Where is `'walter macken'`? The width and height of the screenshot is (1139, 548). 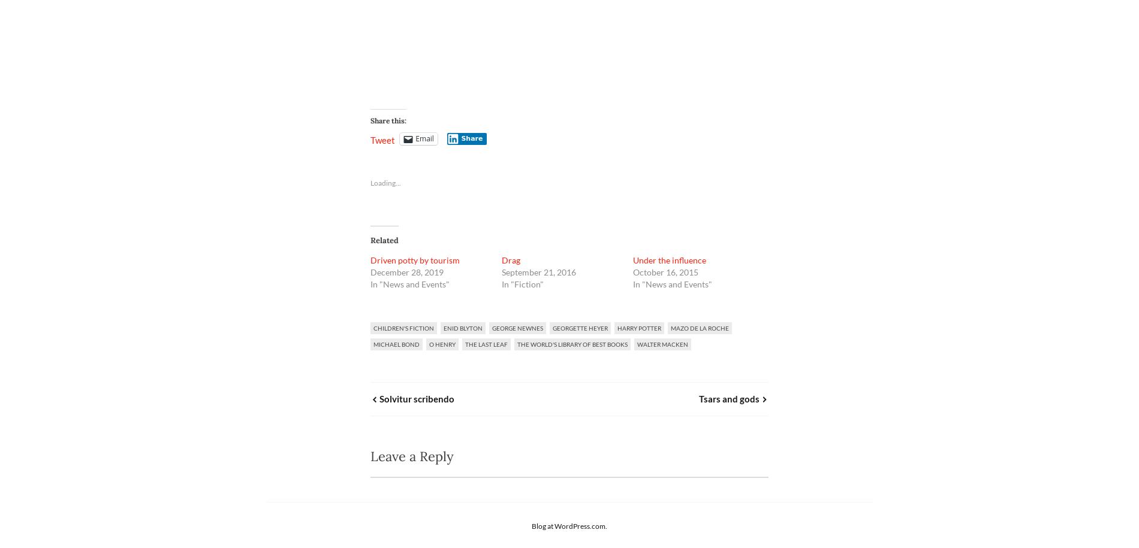 'walter macken' is located at coordinates (662, 343).